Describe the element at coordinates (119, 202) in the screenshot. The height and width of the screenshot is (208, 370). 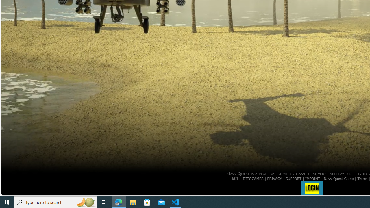
I see `'Microsoft Edge - 1 running window'` at that location.